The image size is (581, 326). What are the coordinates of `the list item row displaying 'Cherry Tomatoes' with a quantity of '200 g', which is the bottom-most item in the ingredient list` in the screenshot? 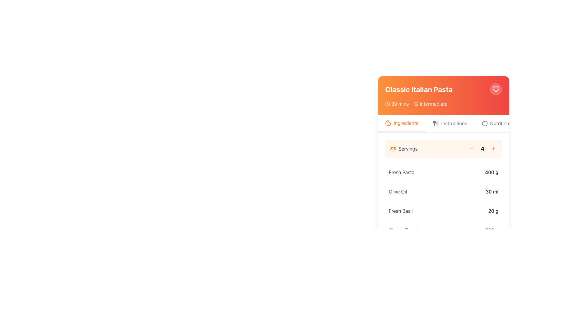 It's located at (443, 230).